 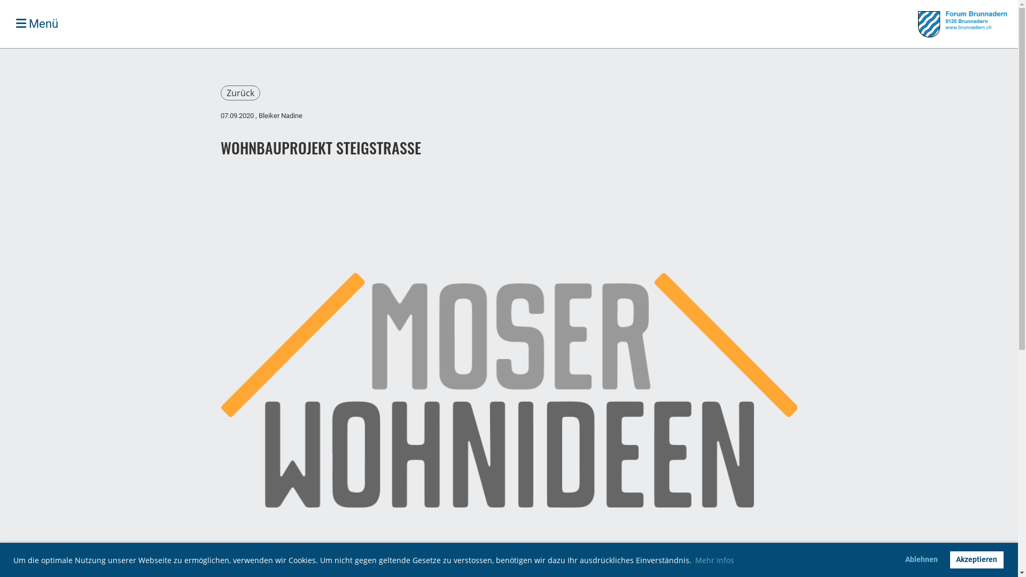 I want to click on 'Mehr Infos', so click(x=714, y=559).